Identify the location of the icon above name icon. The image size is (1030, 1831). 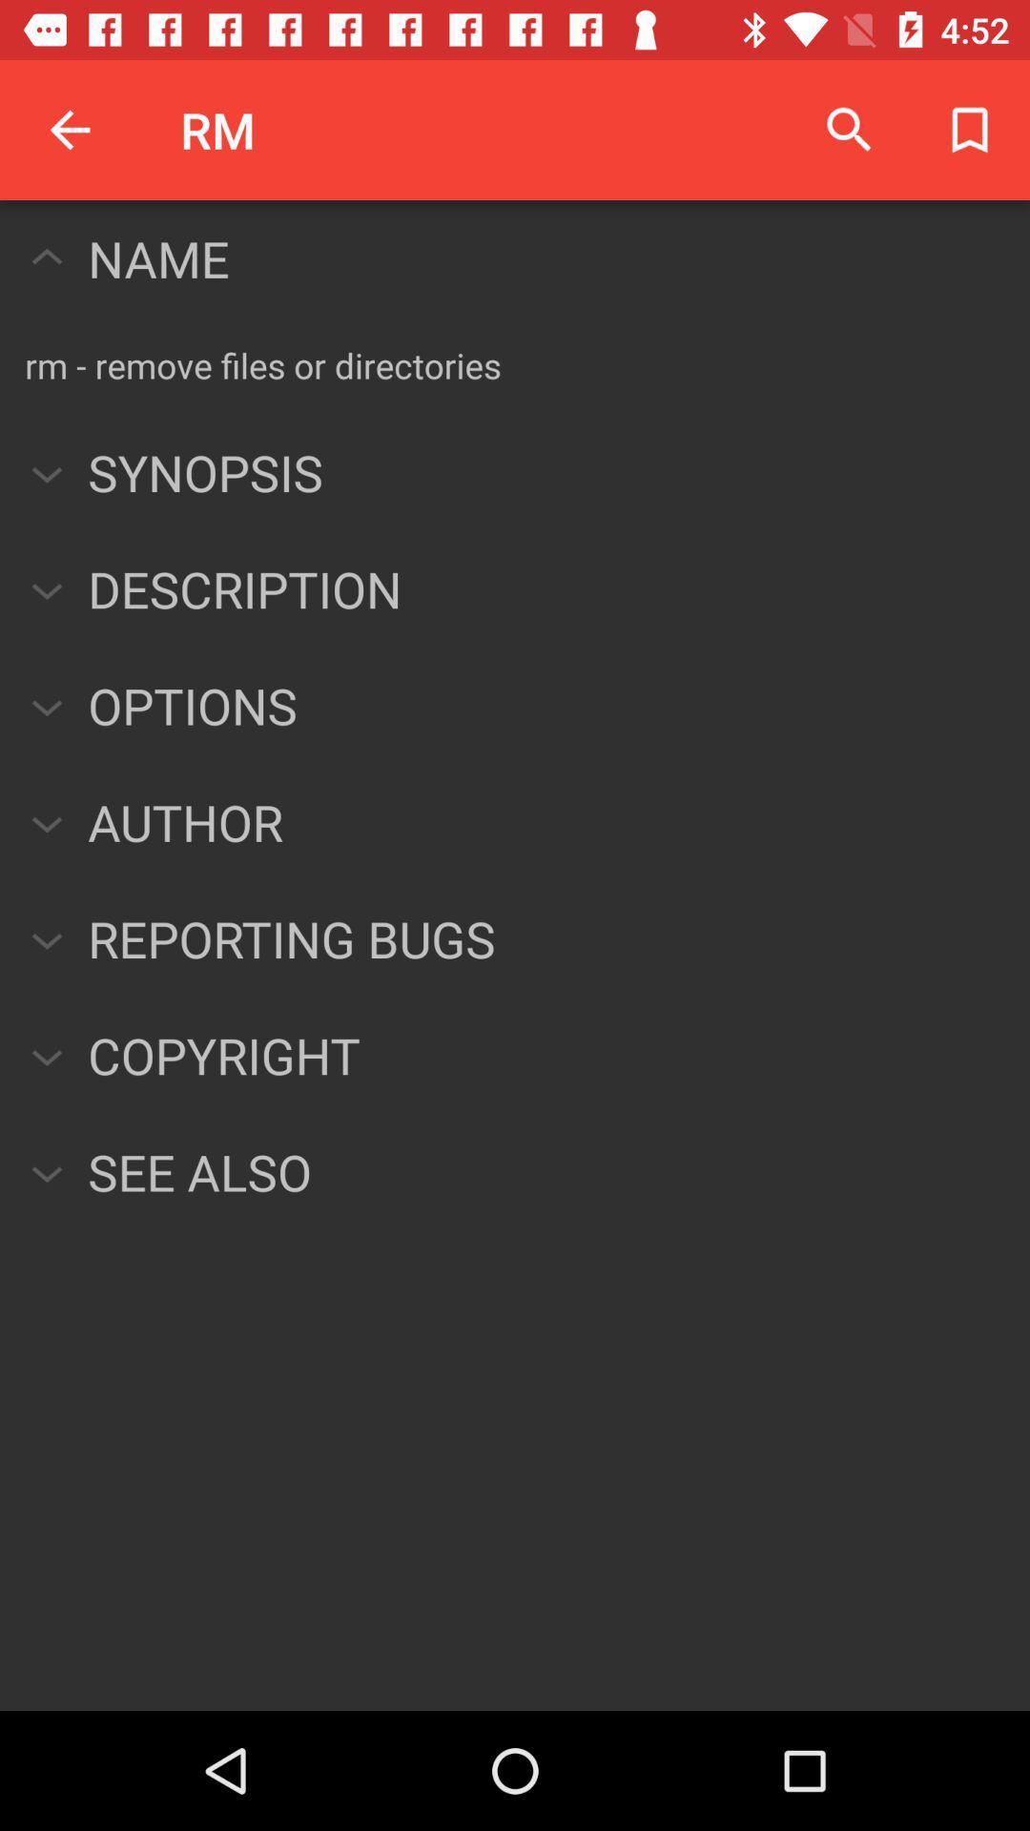
(69, 129).